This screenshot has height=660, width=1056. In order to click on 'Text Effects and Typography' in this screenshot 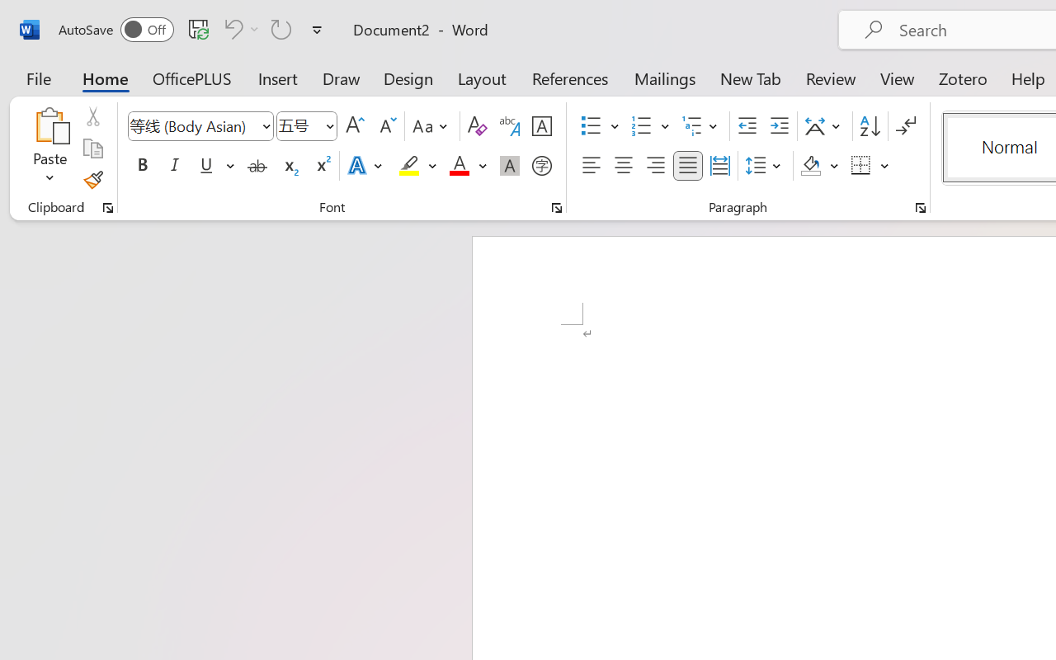, I will do `click(365, 166)`.